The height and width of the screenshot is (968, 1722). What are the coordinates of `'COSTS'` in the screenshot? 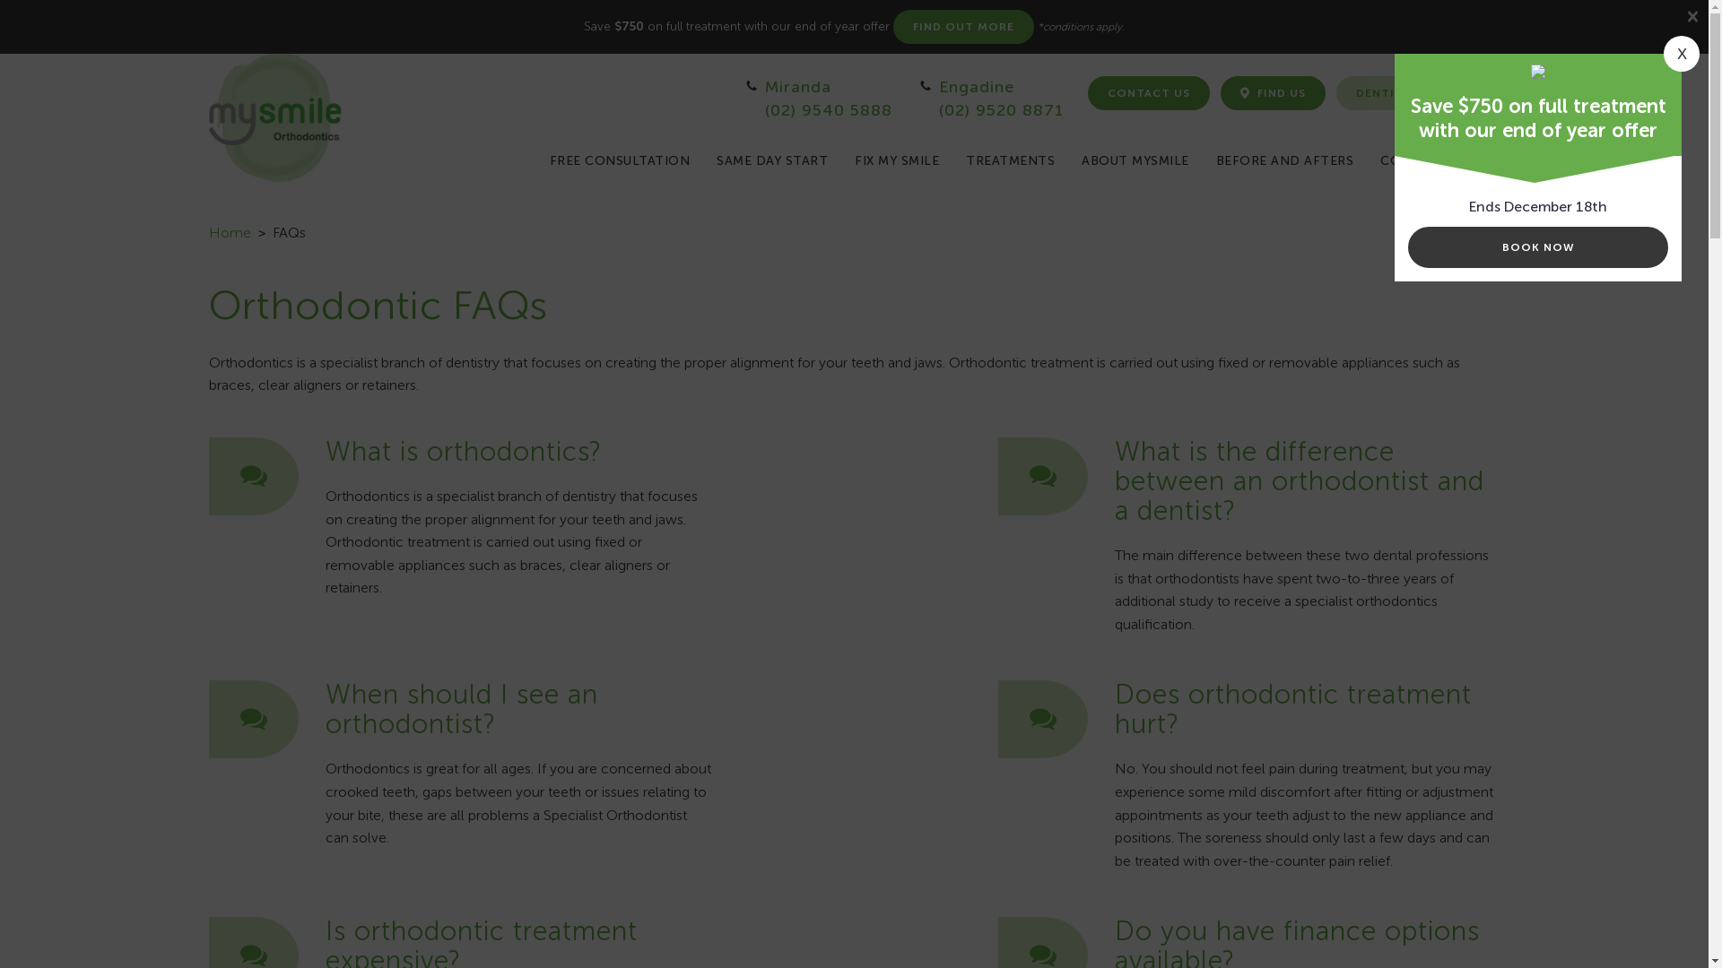 It's located at (1402, 161).